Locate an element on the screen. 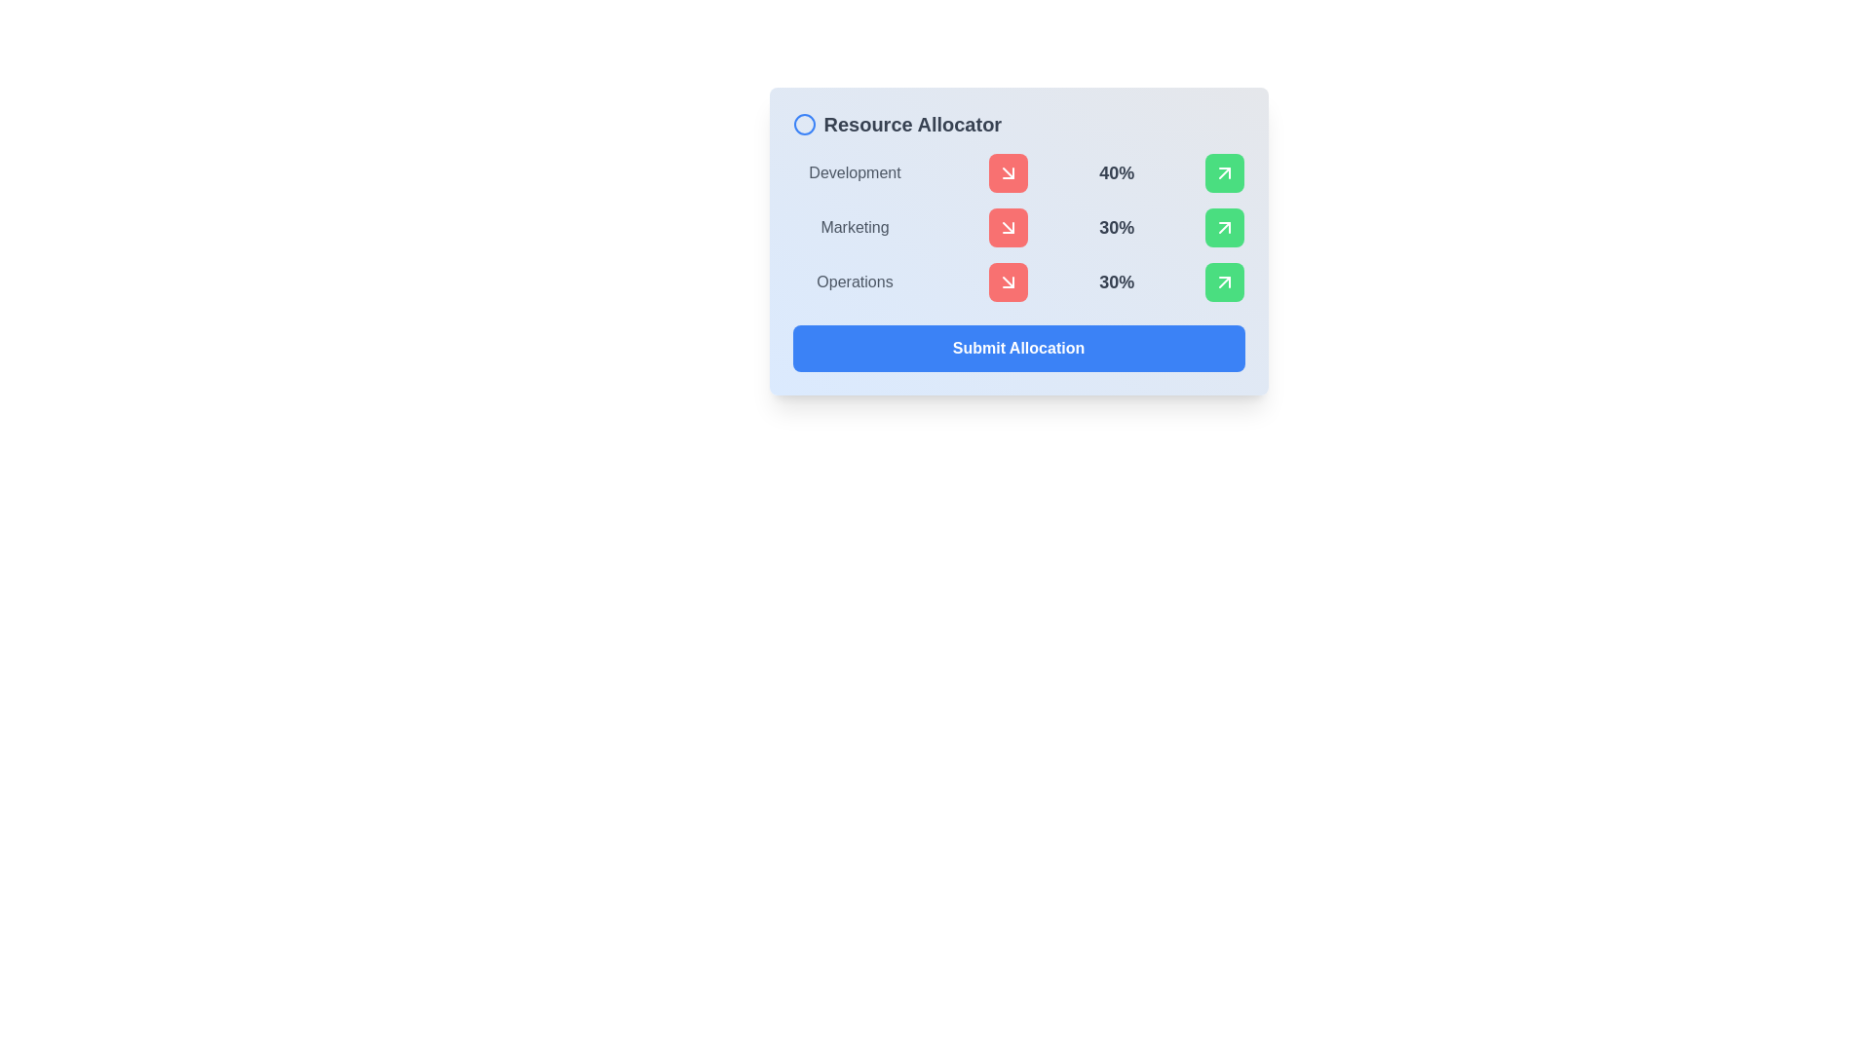 The image size is (1871, 1052). the associated resource data for the 'Marketing' allocation row in the 'Resource Allocator' panel, which displays '30%' is located at coordinates (1017, 227).